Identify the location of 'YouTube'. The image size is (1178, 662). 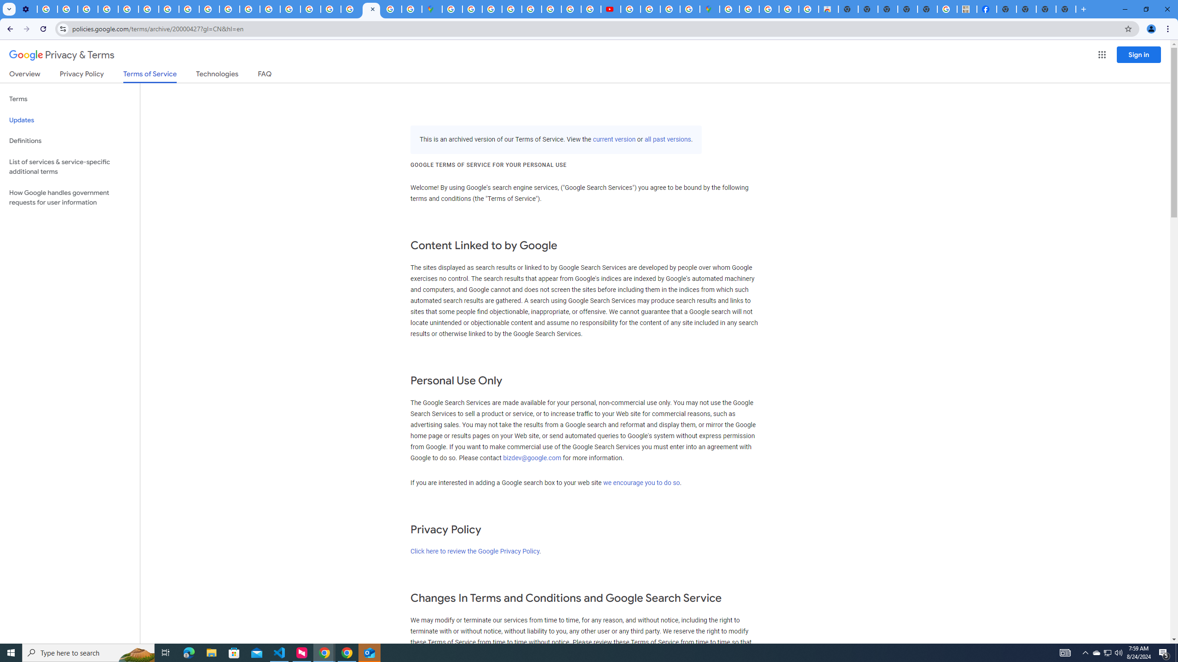
(148, 9).